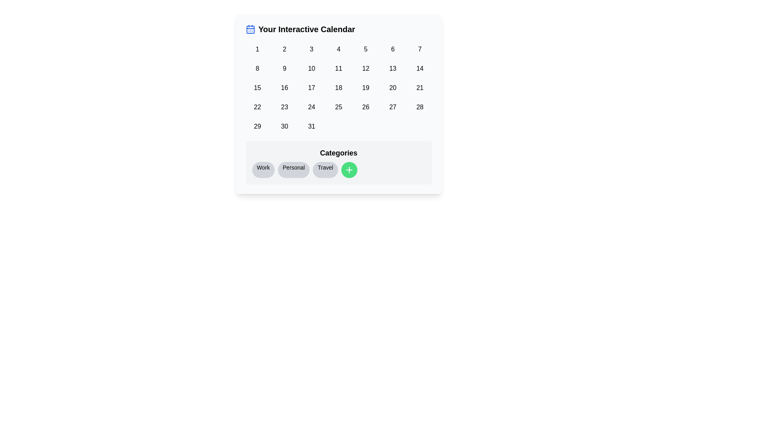  I want to click on the Interactive Calendar Component, which features a title 'Your Interactive Calendar', a grid for dates, and a section labeled 'Categories' at the bottom, so click(339, 103).